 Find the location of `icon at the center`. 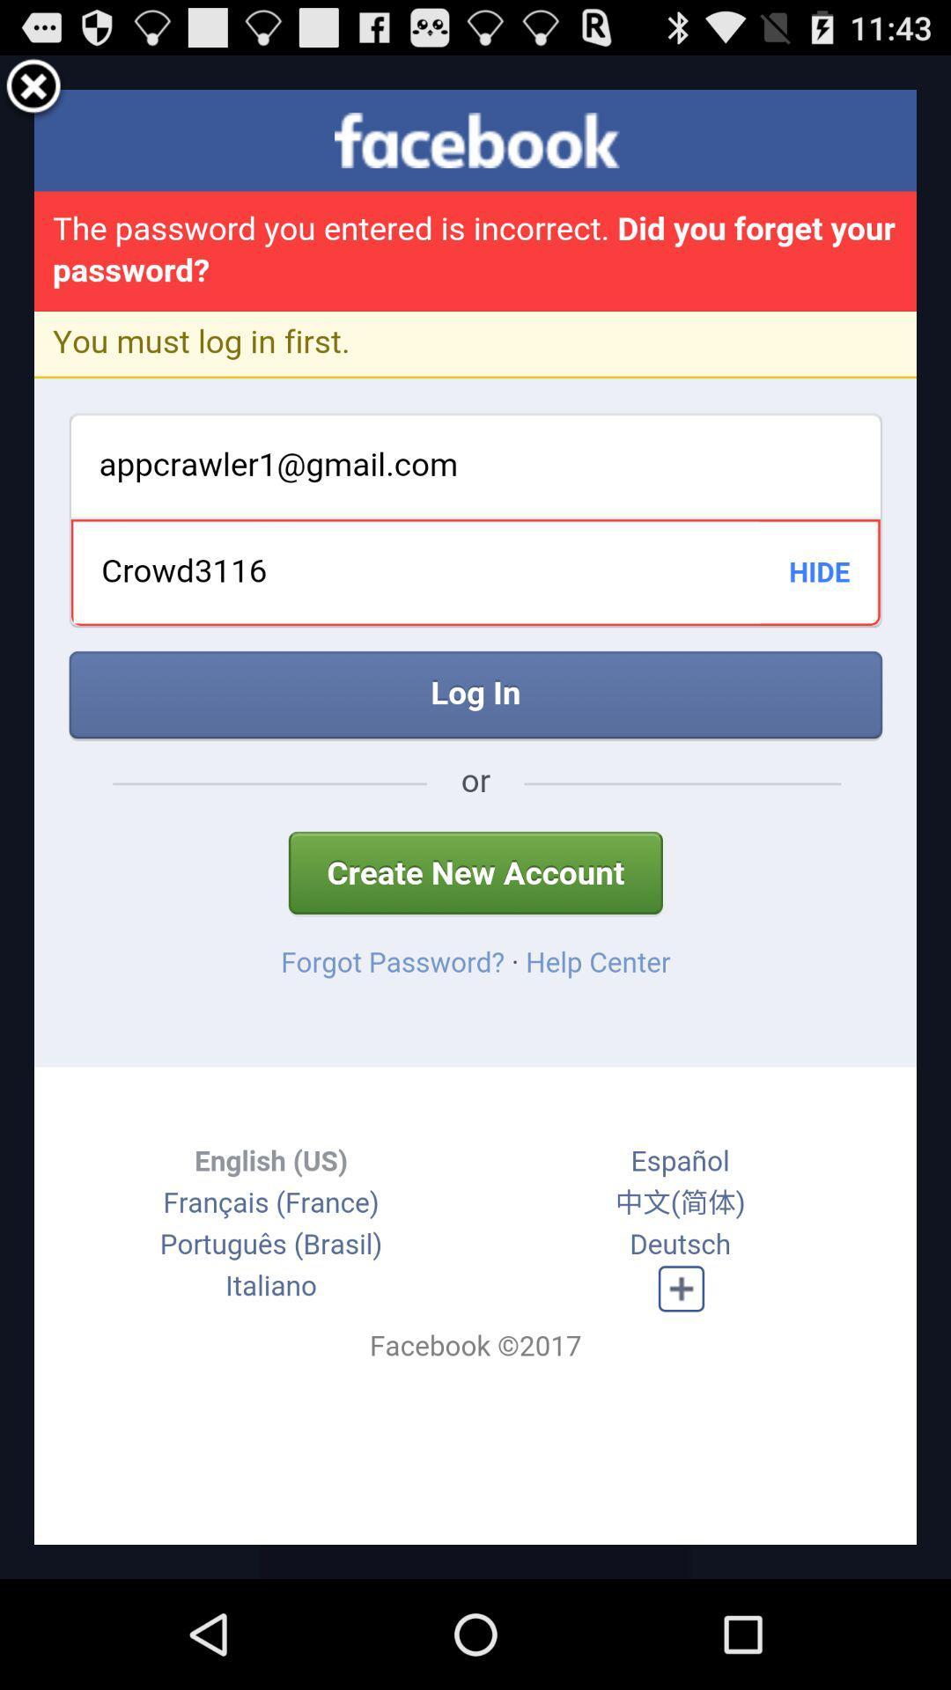

icon at the center is located at coordinates (475, 816).